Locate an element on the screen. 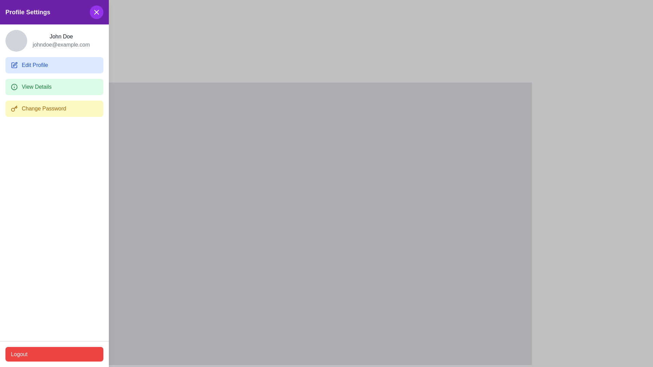 The image size is (653, 367). the 'Logout' button, which is a red rectangular button with rounded corners and white text, positioned at the bottom-left corner of the user interface is located at coordinates (54, 353).